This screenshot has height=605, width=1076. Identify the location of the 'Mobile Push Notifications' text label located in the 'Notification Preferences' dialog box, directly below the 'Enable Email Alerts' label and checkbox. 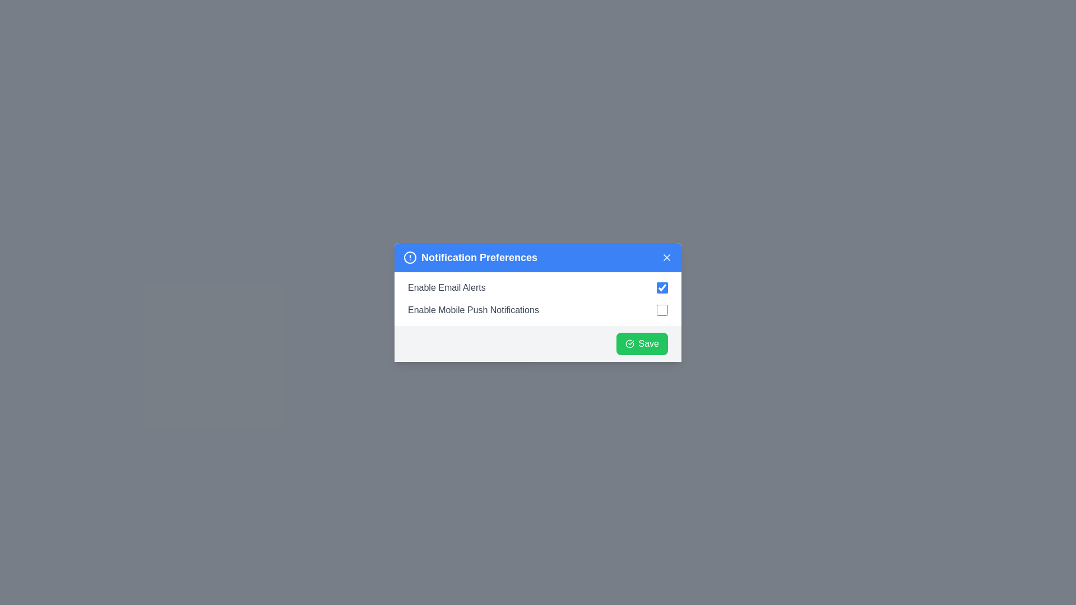
(473, 310).